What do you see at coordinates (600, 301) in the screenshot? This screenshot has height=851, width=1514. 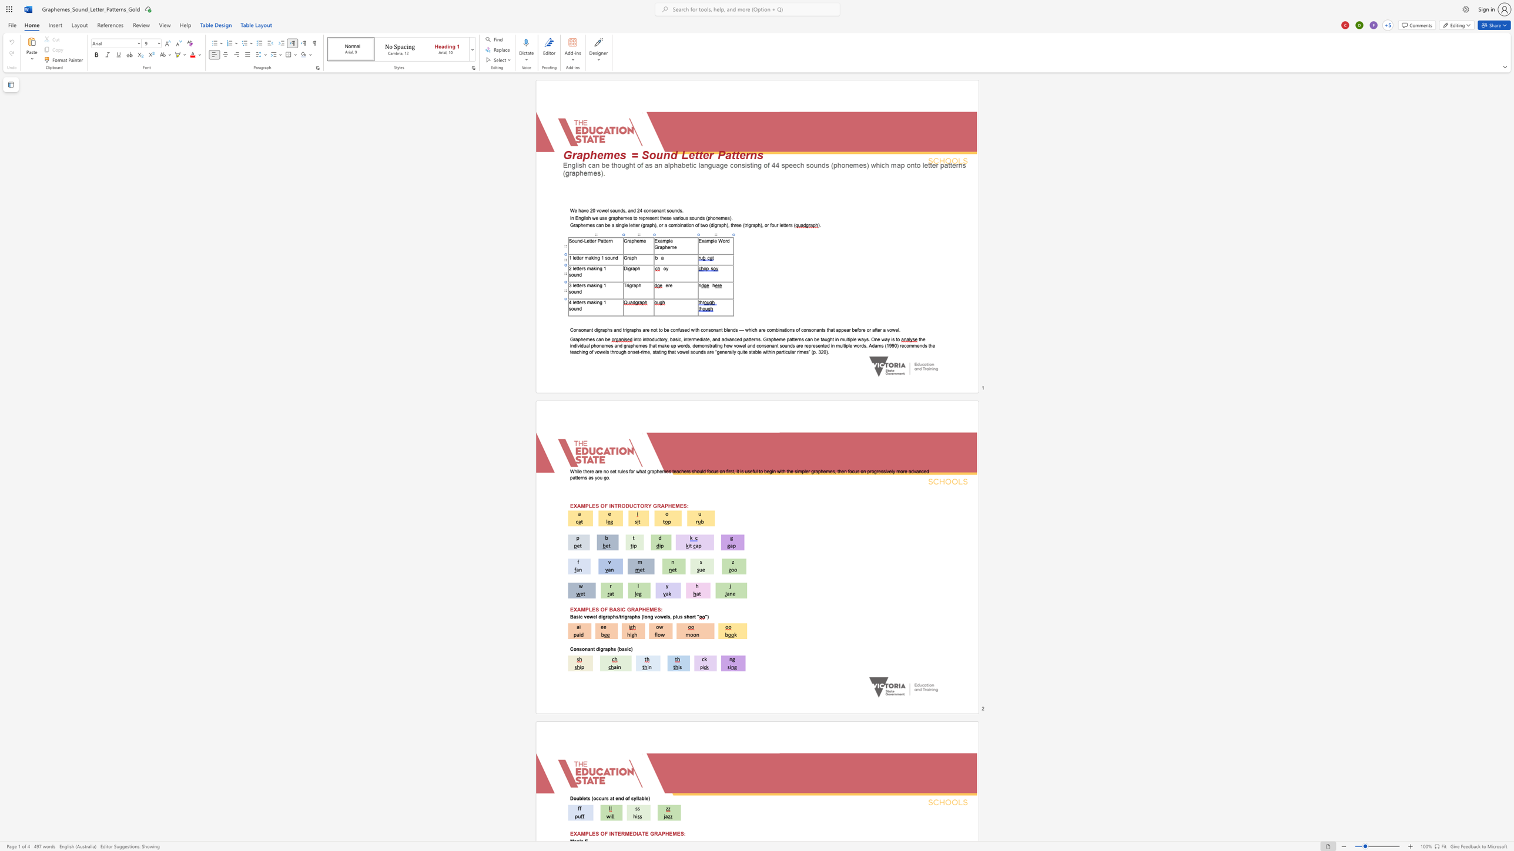 I see `the 1th character "g" in the text` at bounding box center [600, 301].